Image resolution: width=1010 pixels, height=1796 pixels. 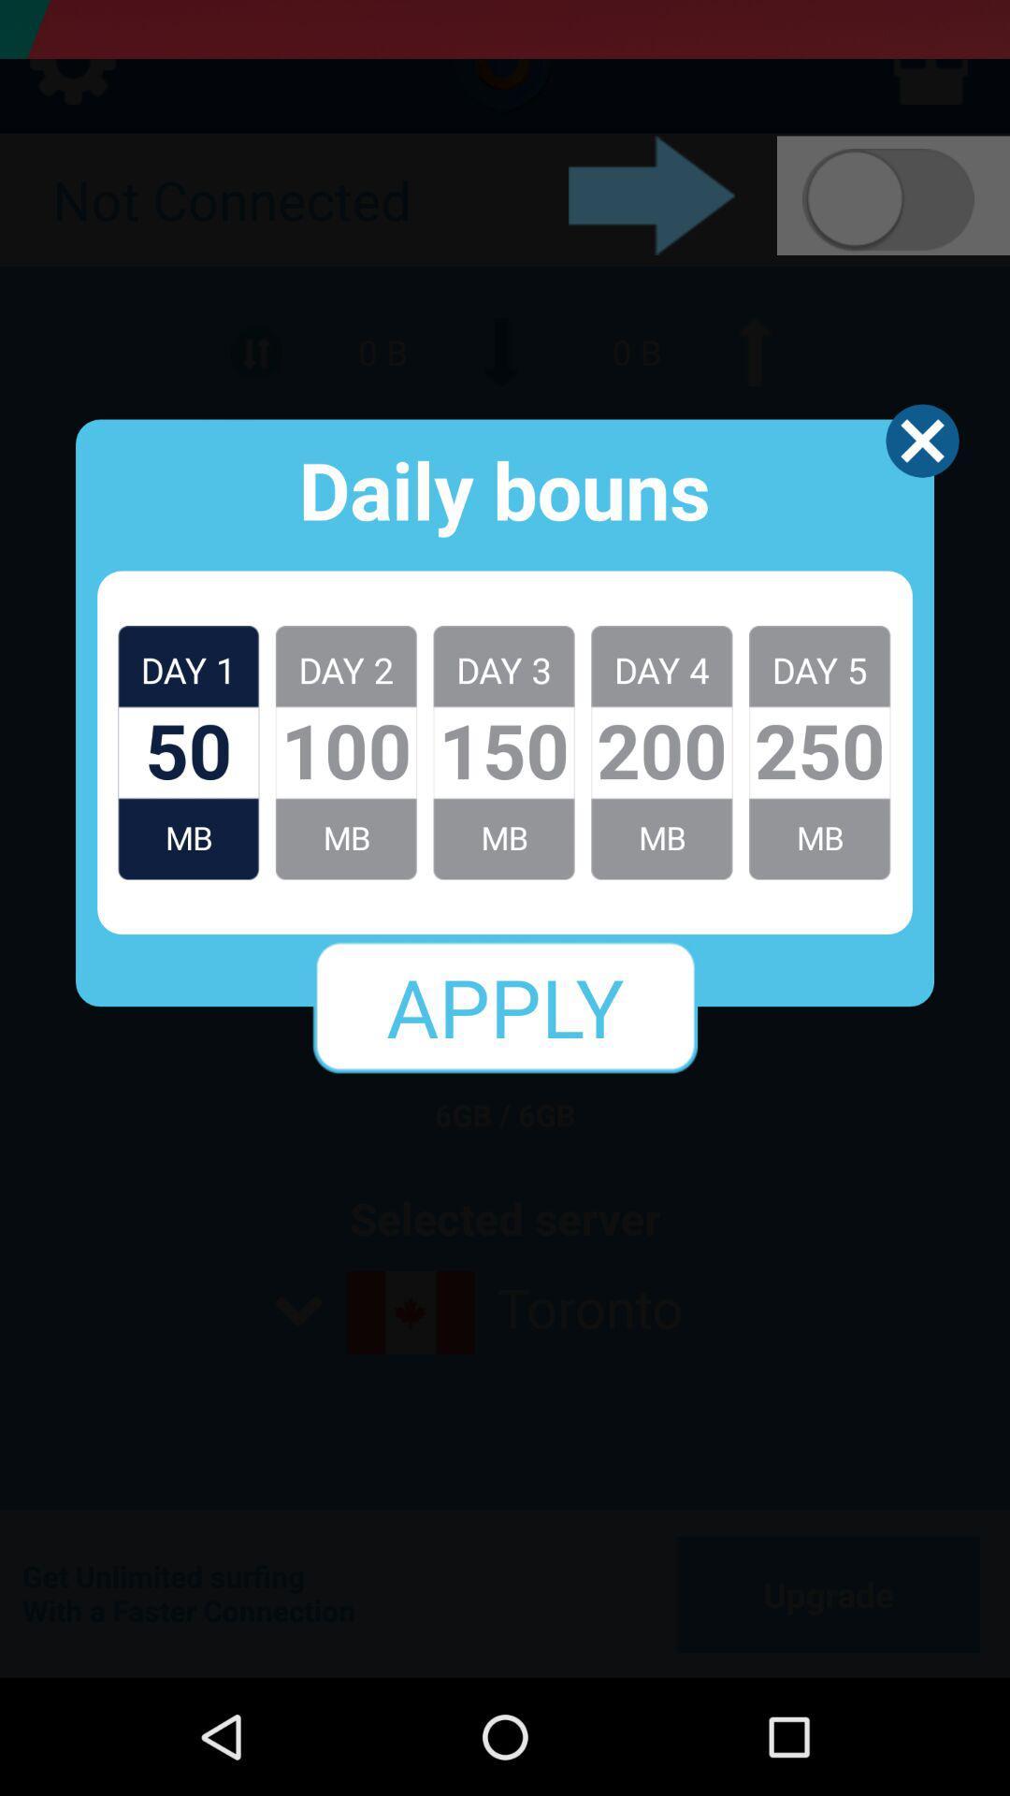 I want to click on close, so click(x=921, y=440).